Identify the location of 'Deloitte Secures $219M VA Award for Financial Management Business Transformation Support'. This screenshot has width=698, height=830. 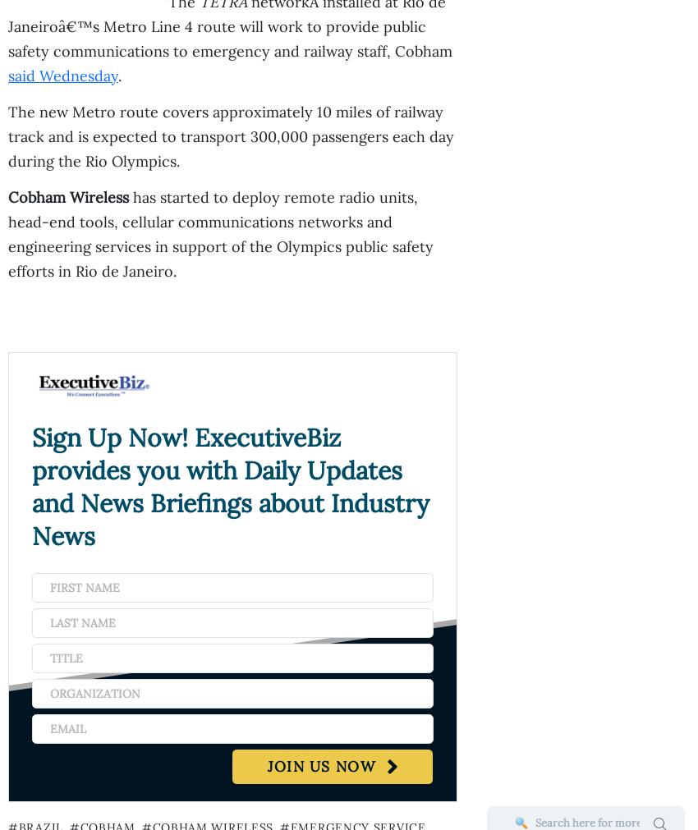
(347, 30).